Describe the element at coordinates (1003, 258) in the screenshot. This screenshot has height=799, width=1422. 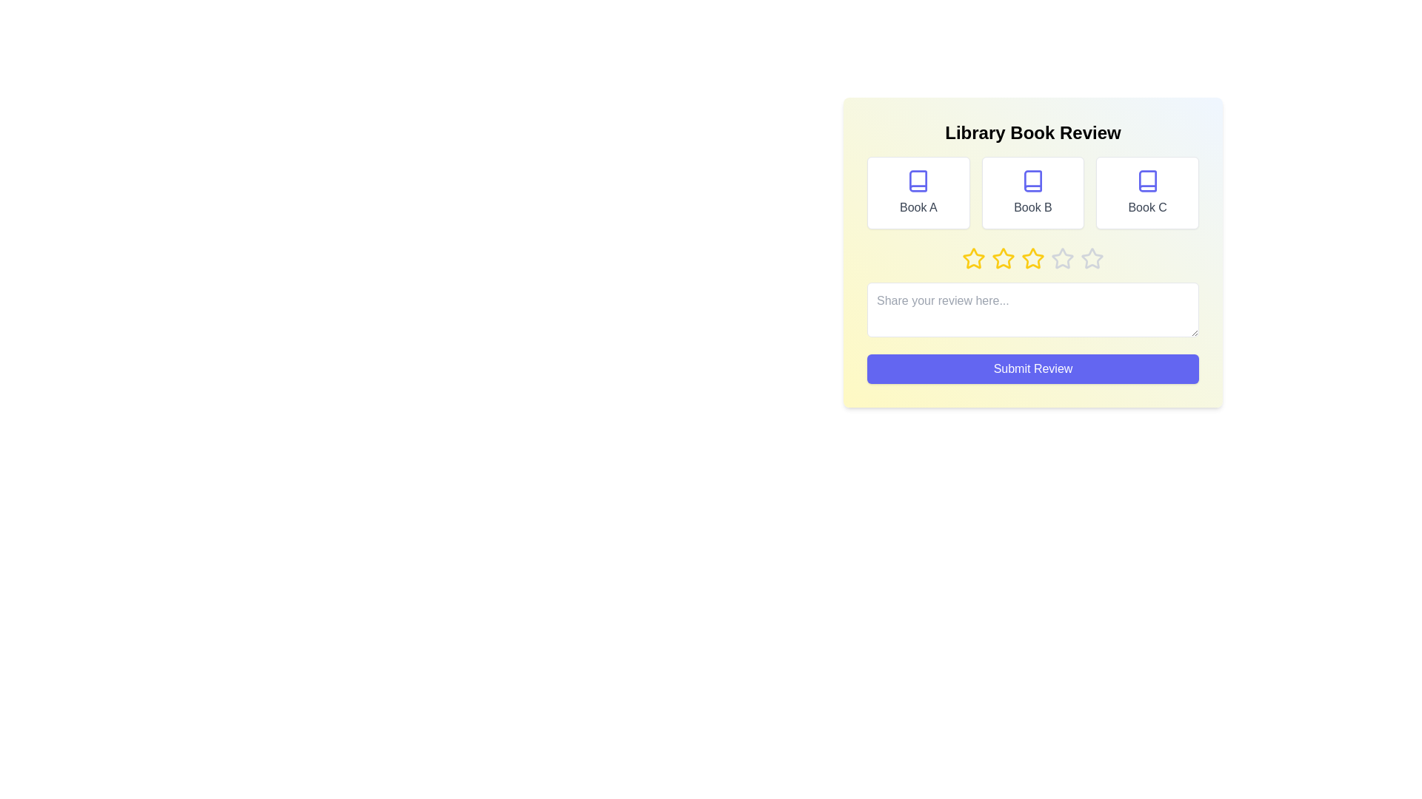
I see `the star corresponding to 2 to preview the rating` at that location.